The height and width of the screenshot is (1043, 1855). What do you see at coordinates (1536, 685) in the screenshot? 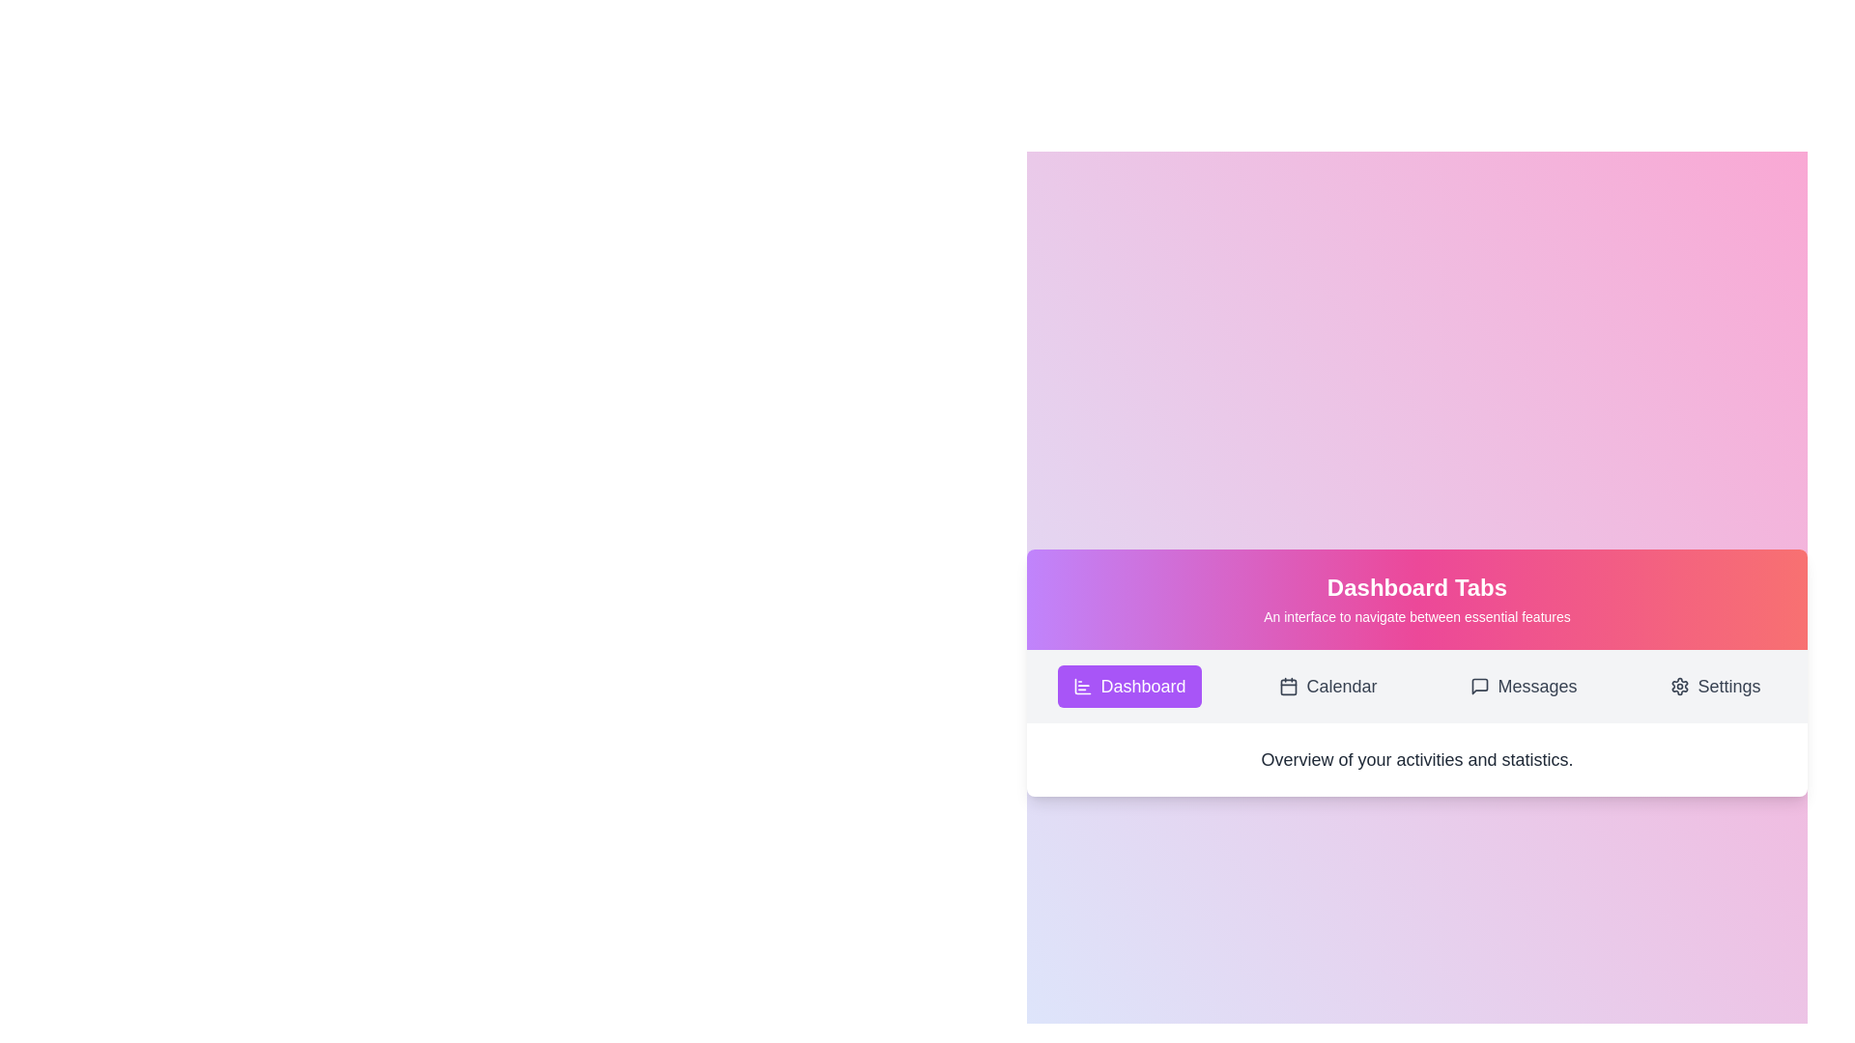
I see `the 'Messages' text label located in the horizontal navigation bar, which indicates the section for messages to the user` at bounding box center [1536, 685].